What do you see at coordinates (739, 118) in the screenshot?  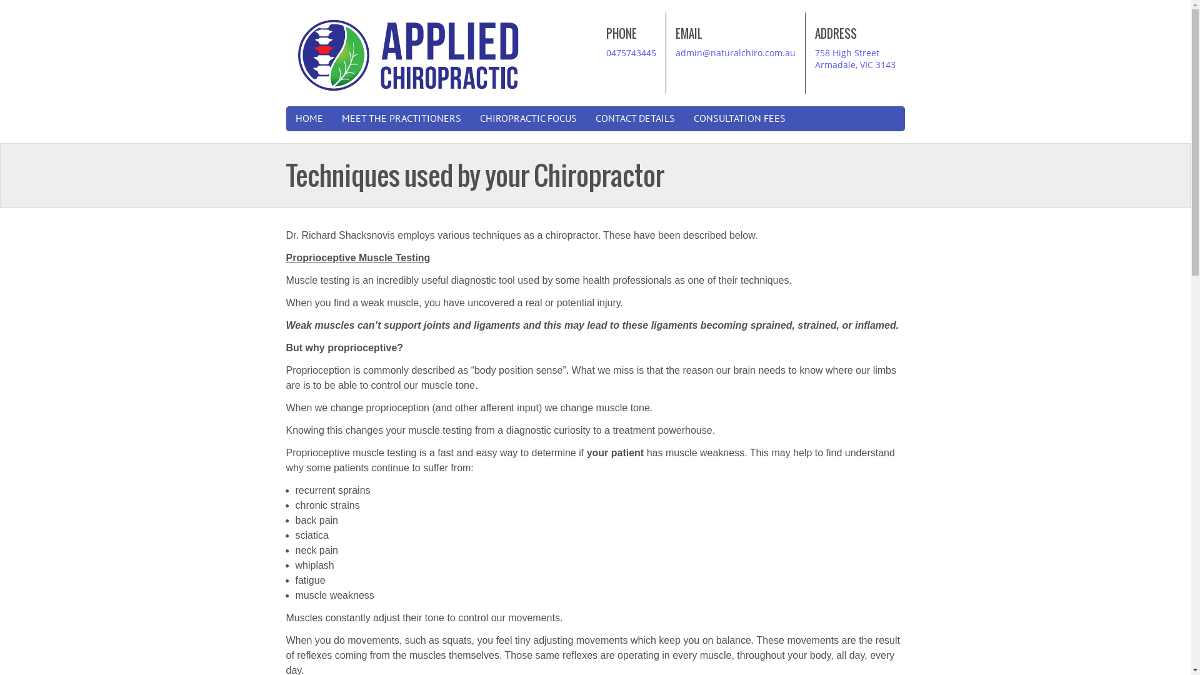 I see `'CONSULTATION FEES'` at bounding box center [739, 118].